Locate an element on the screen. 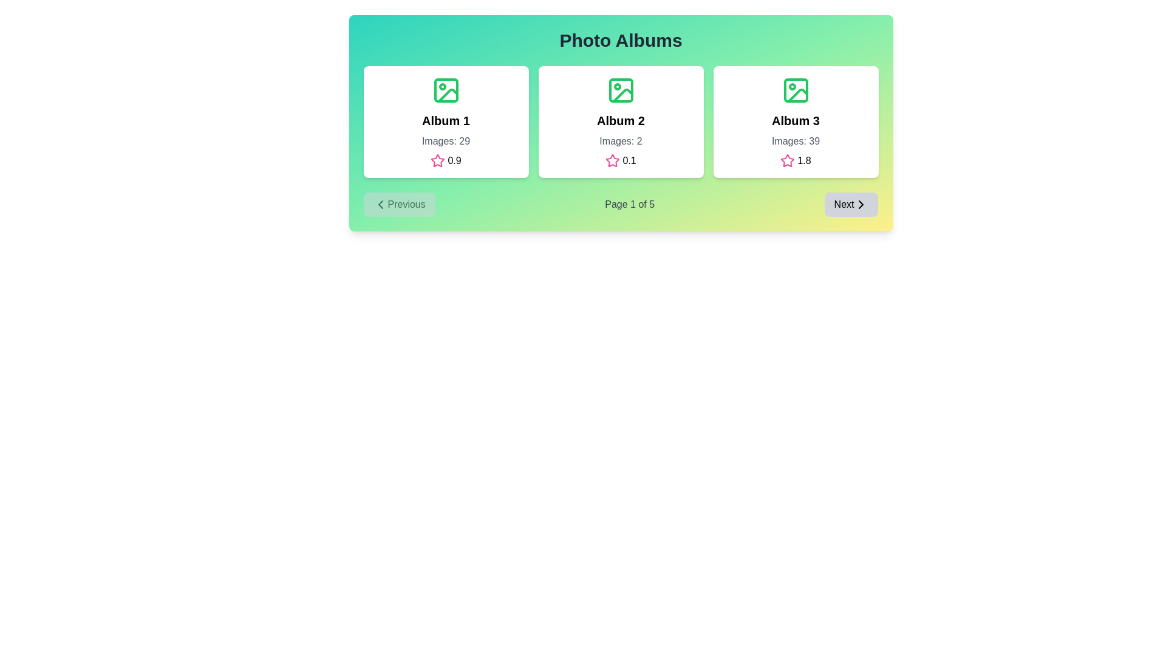 The image size is (1166, 656). the star rating icon located in the bottom-left corner of the Album 3 card, which is adjacent to the rating value of '1.8' is located at coordinates (788, 160).